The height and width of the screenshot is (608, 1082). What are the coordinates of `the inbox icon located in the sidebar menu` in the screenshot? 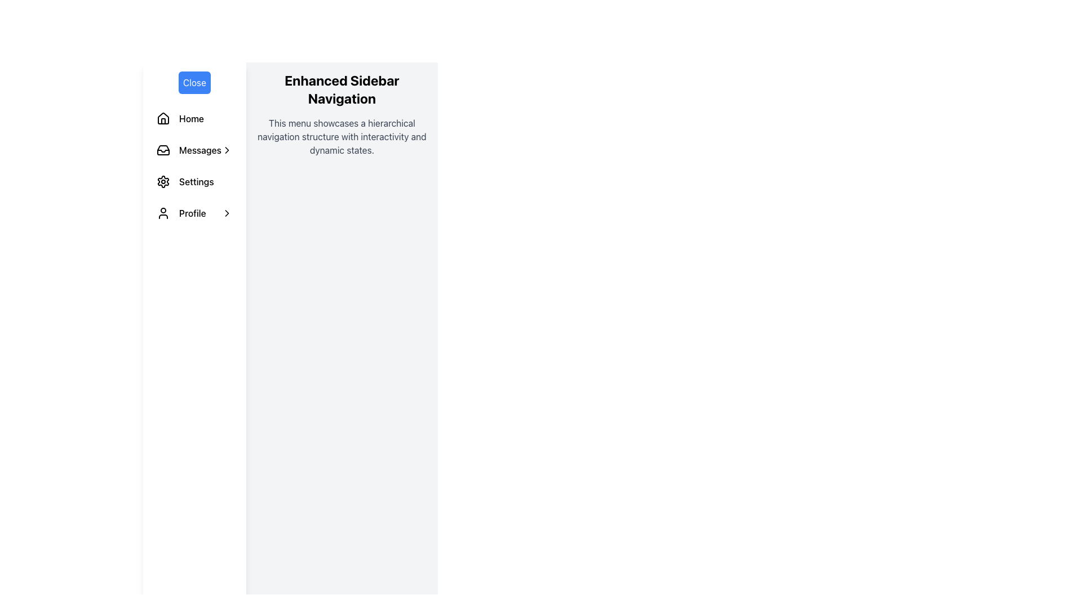 It's located at (162, 149).